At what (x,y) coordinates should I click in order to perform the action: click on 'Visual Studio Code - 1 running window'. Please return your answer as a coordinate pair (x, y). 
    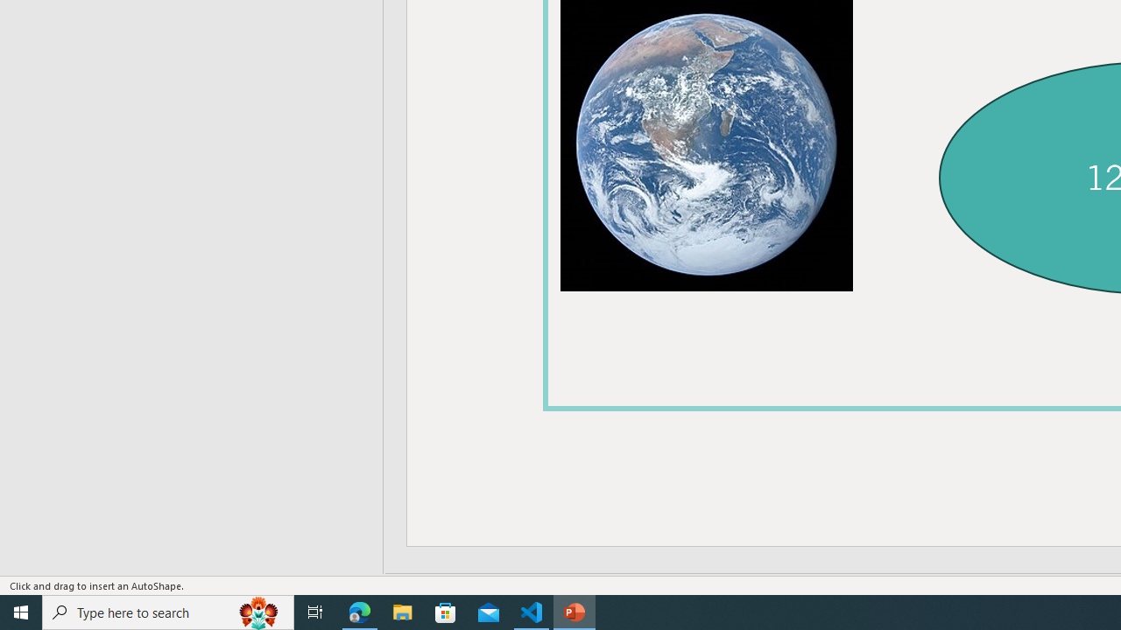
    Looking at the image, I should click on (531, 611).